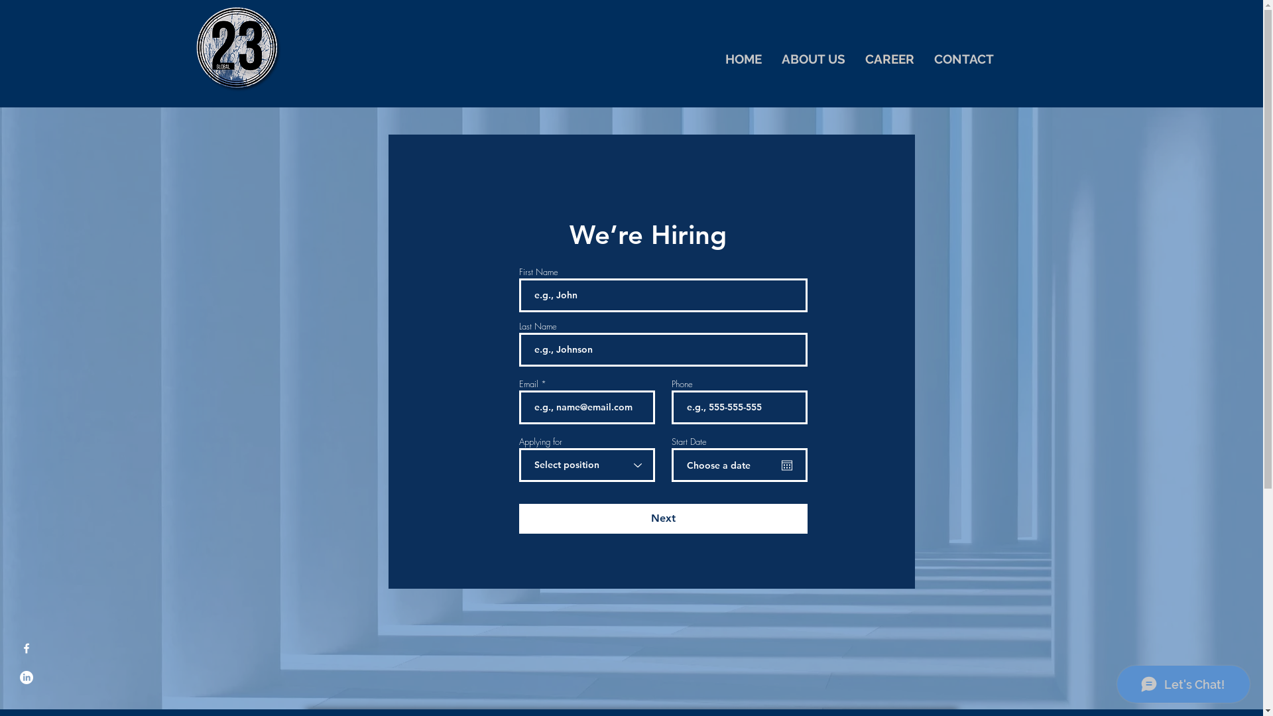 The width and height of the screenshot is (1273, 716). I want to click on 'ABOUT US', so click(813, 58).